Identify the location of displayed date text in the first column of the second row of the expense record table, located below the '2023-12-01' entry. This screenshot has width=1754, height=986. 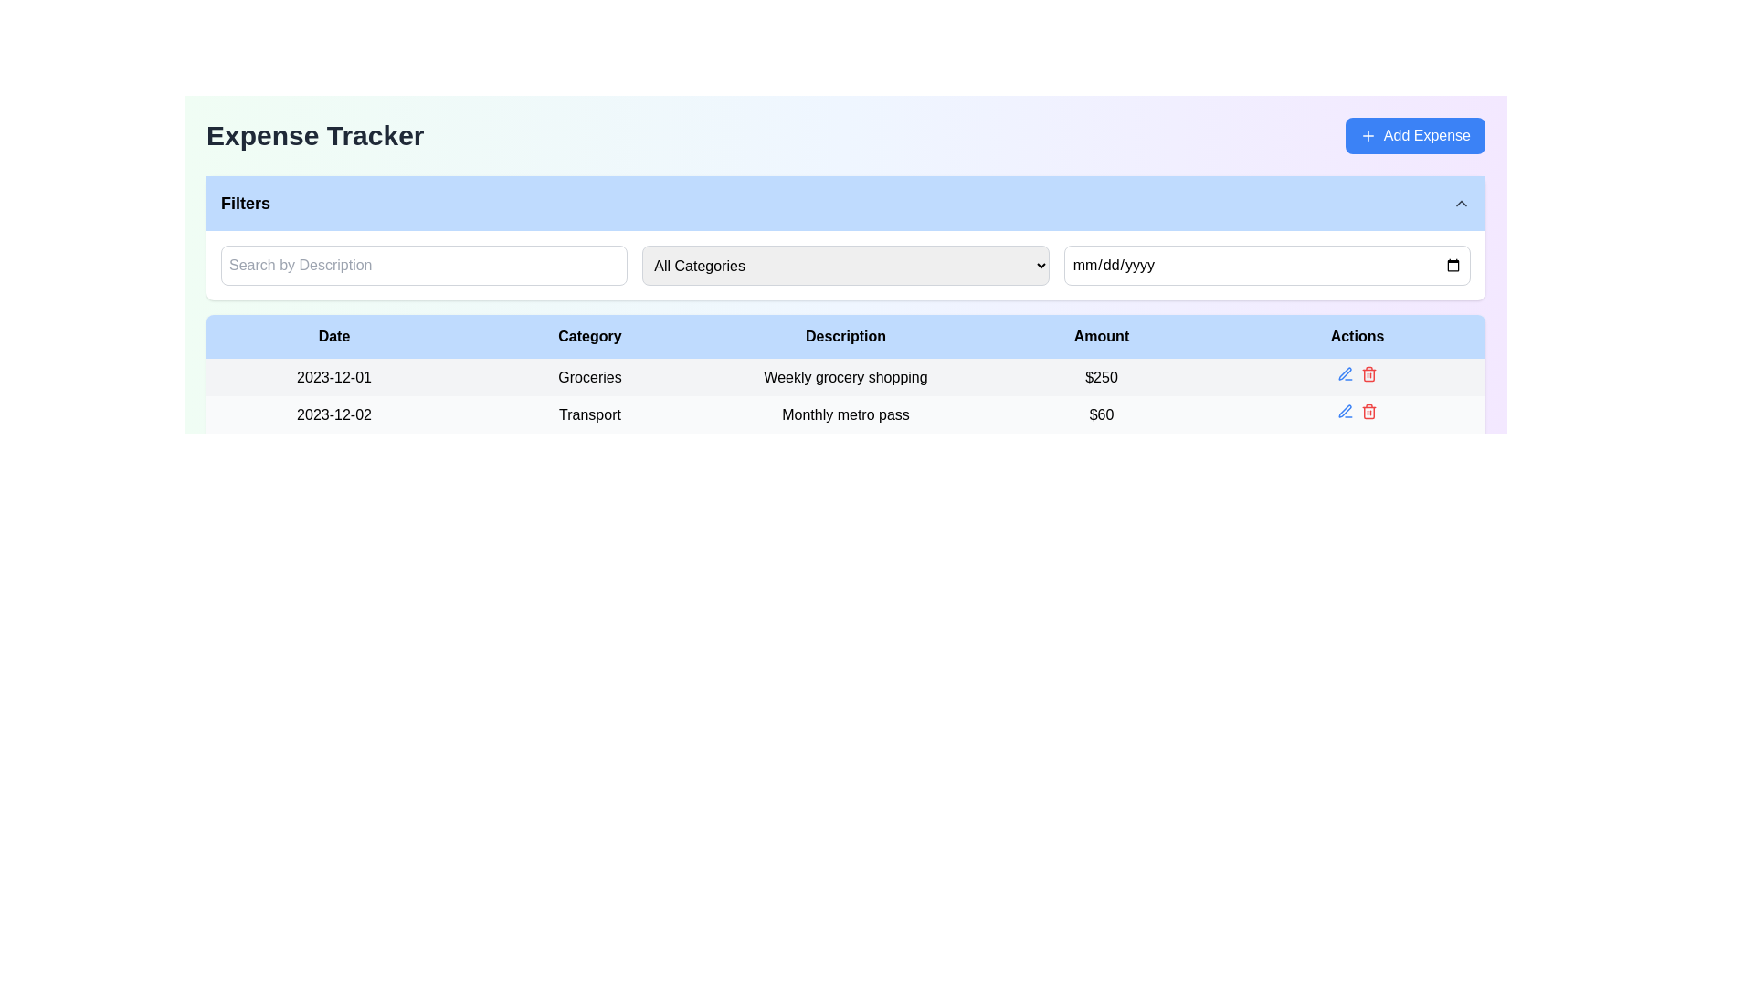
(333, 414).